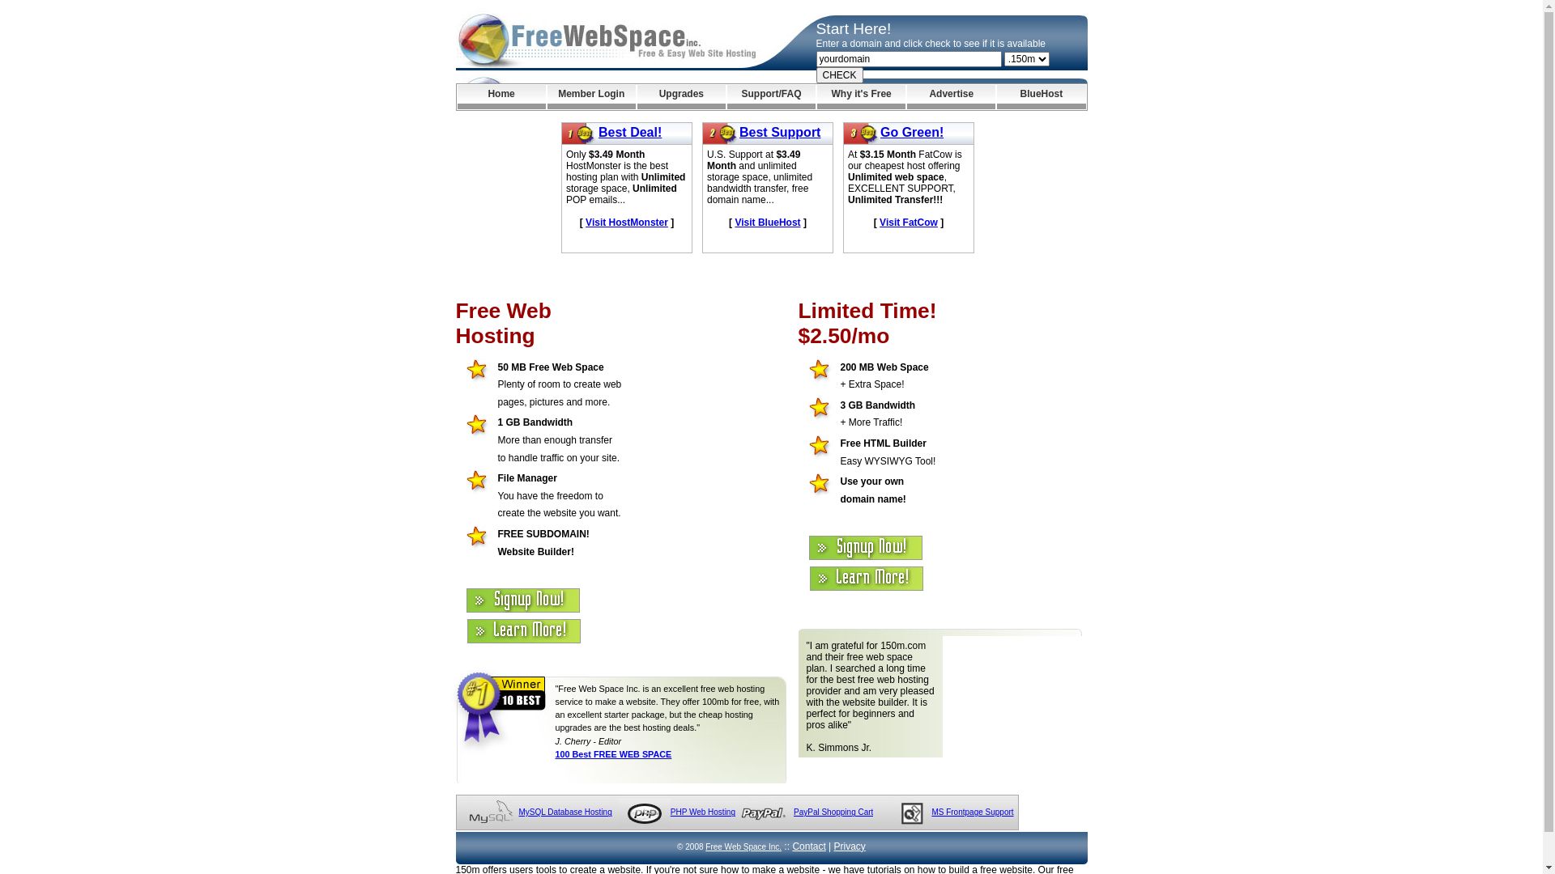 The width and height of the screenshot is (1555, 874). Describe the element at coordinates (564, 812) in the screenshot. I see `'MySQL Database Hosting'` at that location.